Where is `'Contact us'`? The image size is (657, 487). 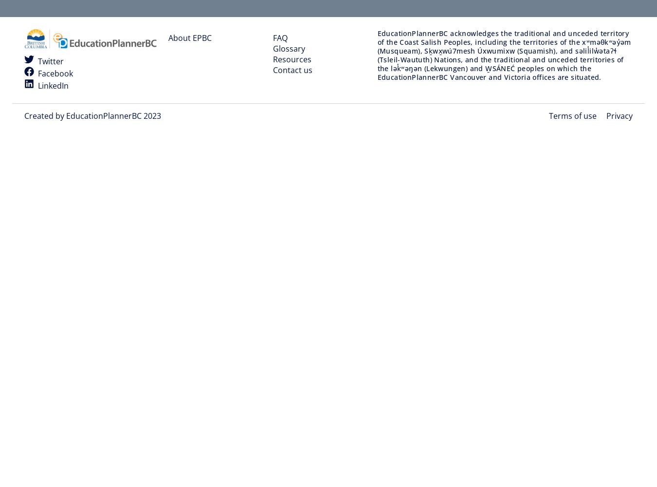 'Contact us' is located at coordinates (292, 70).